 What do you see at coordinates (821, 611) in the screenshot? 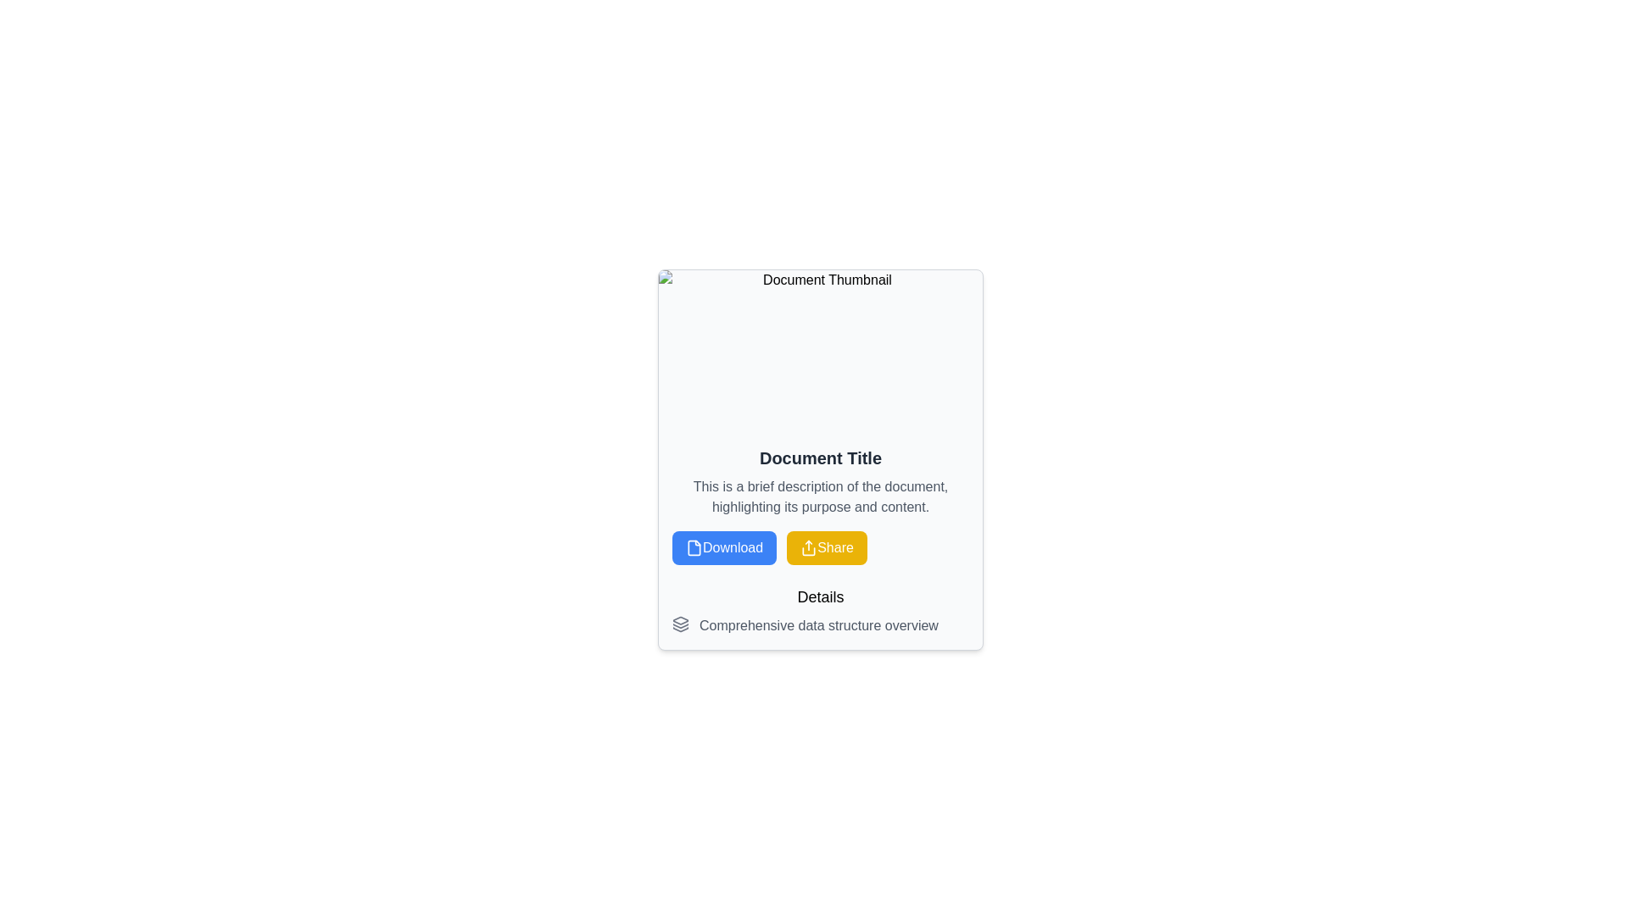
I see `the Text block with an icon located at the bottom section of the card, which is positioned below the 'Download' and 'Share' buttons` at bounding box center [821, 611].